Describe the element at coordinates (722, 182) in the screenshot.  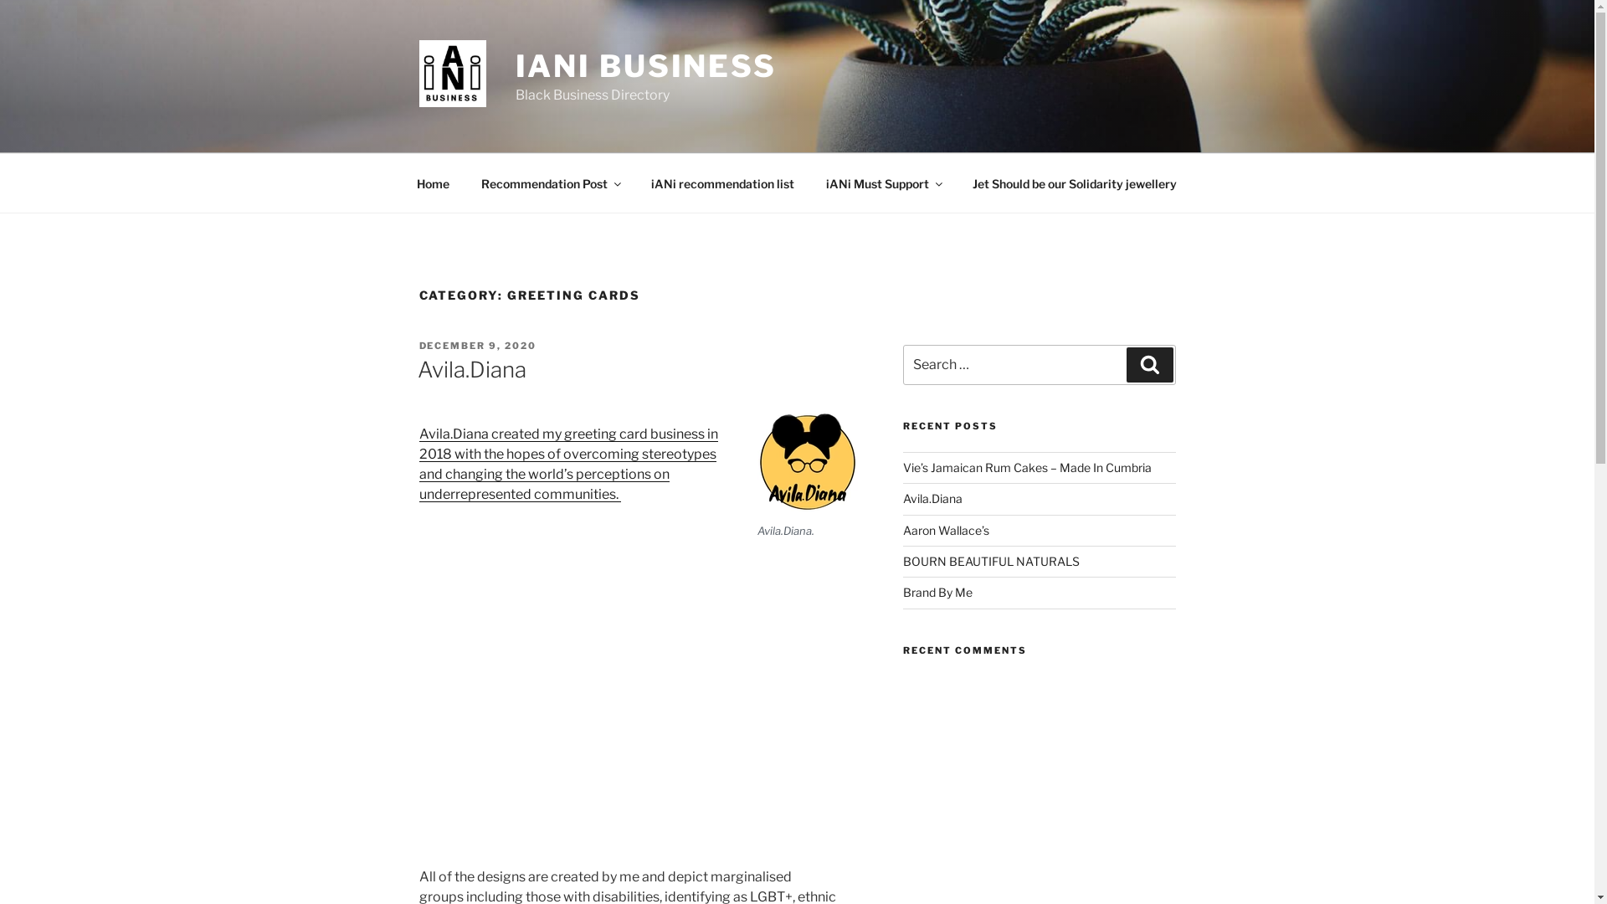
I see `'iANi recommendation list'` at that location.